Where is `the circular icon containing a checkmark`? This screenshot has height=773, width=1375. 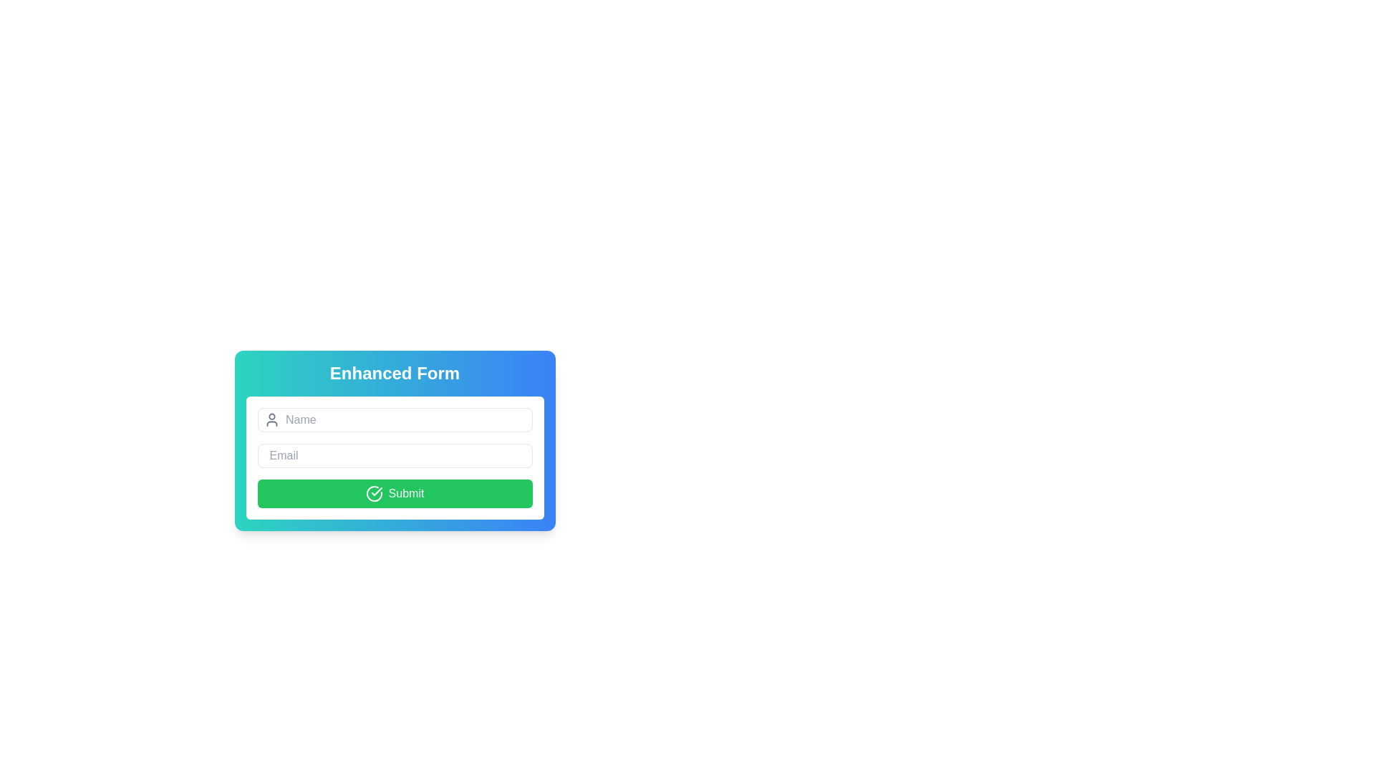
the circular icon containing a checkmark is located at coordinates (374, 493).